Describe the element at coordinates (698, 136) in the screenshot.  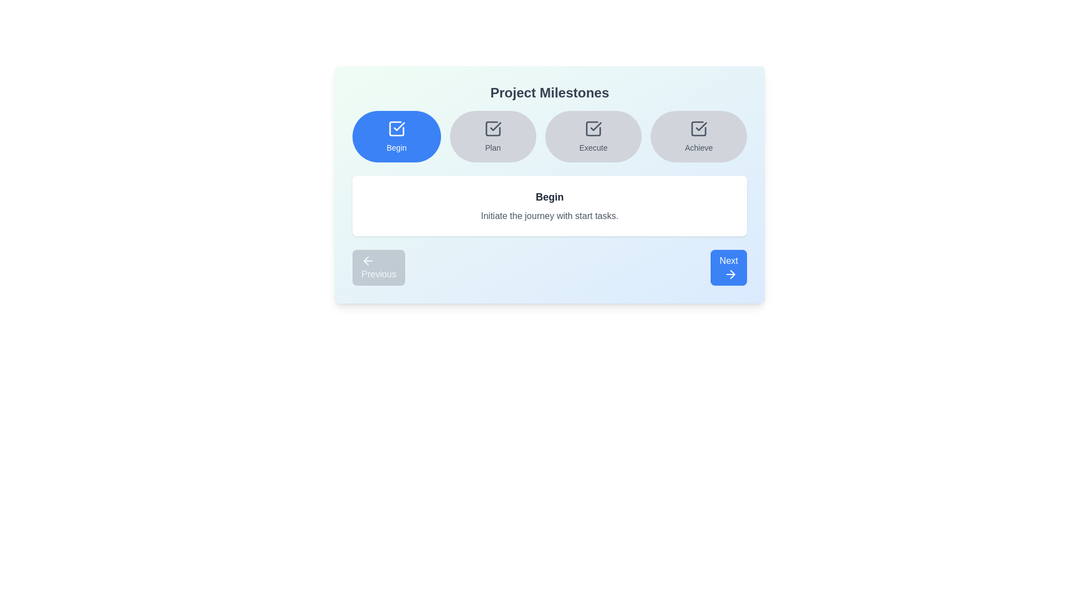
I see `the gray circular button labeled 'Achieve'` at that location.